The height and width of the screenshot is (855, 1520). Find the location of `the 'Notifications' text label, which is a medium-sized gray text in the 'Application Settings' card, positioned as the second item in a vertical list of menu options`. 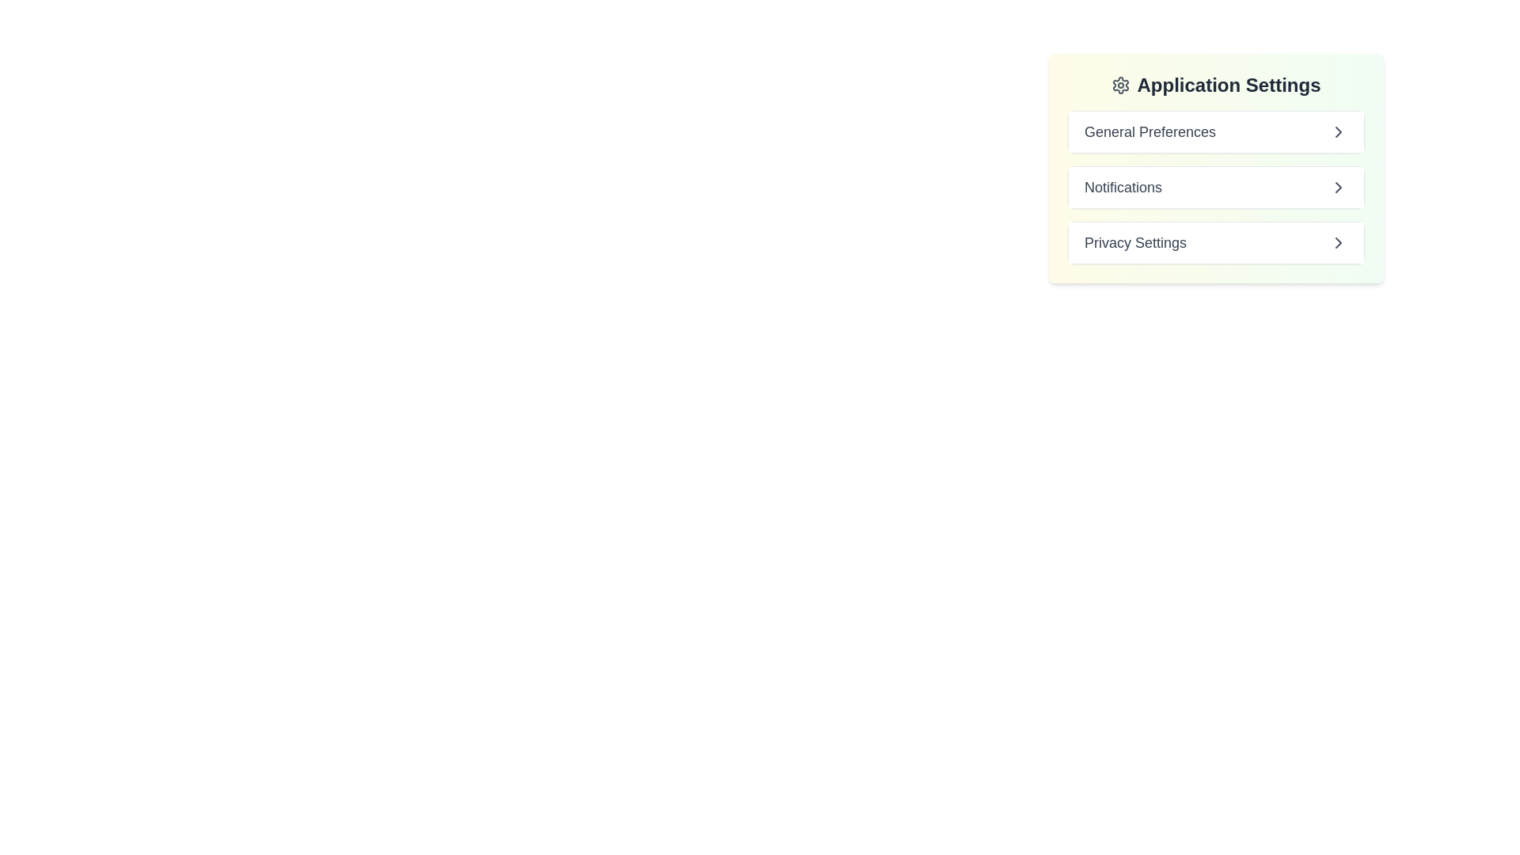

the 'Notifications' text label, which is a medium-sized gray text in the 'Application Settings' card, positioned as the second item in a vertical list of menu options is located at coordinates (1123, 186).